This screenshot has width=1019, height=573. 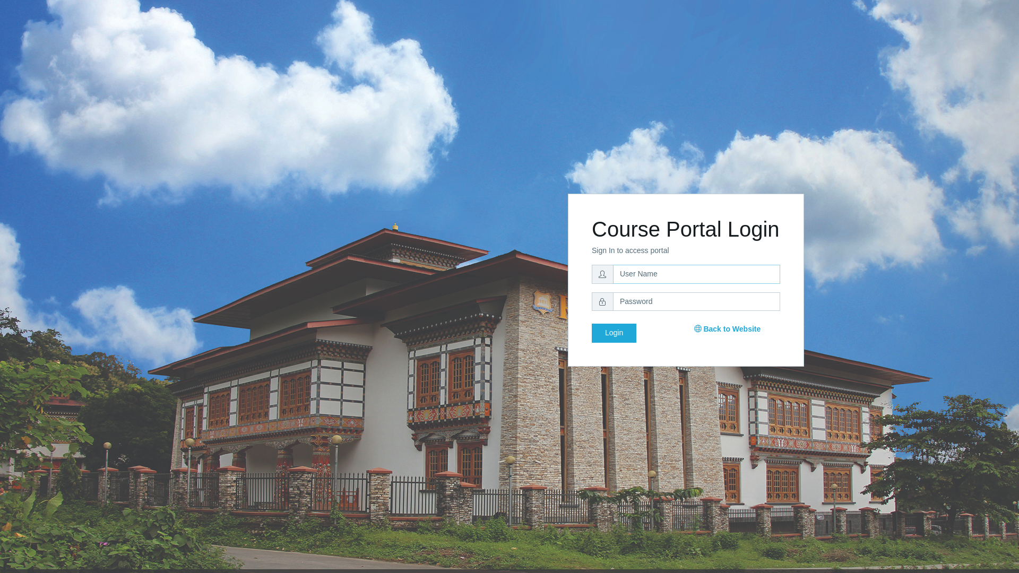 What do you see at coordinates (614, 333) in the screenshot?
I see `'Login'` at bounding box center [614, 333].